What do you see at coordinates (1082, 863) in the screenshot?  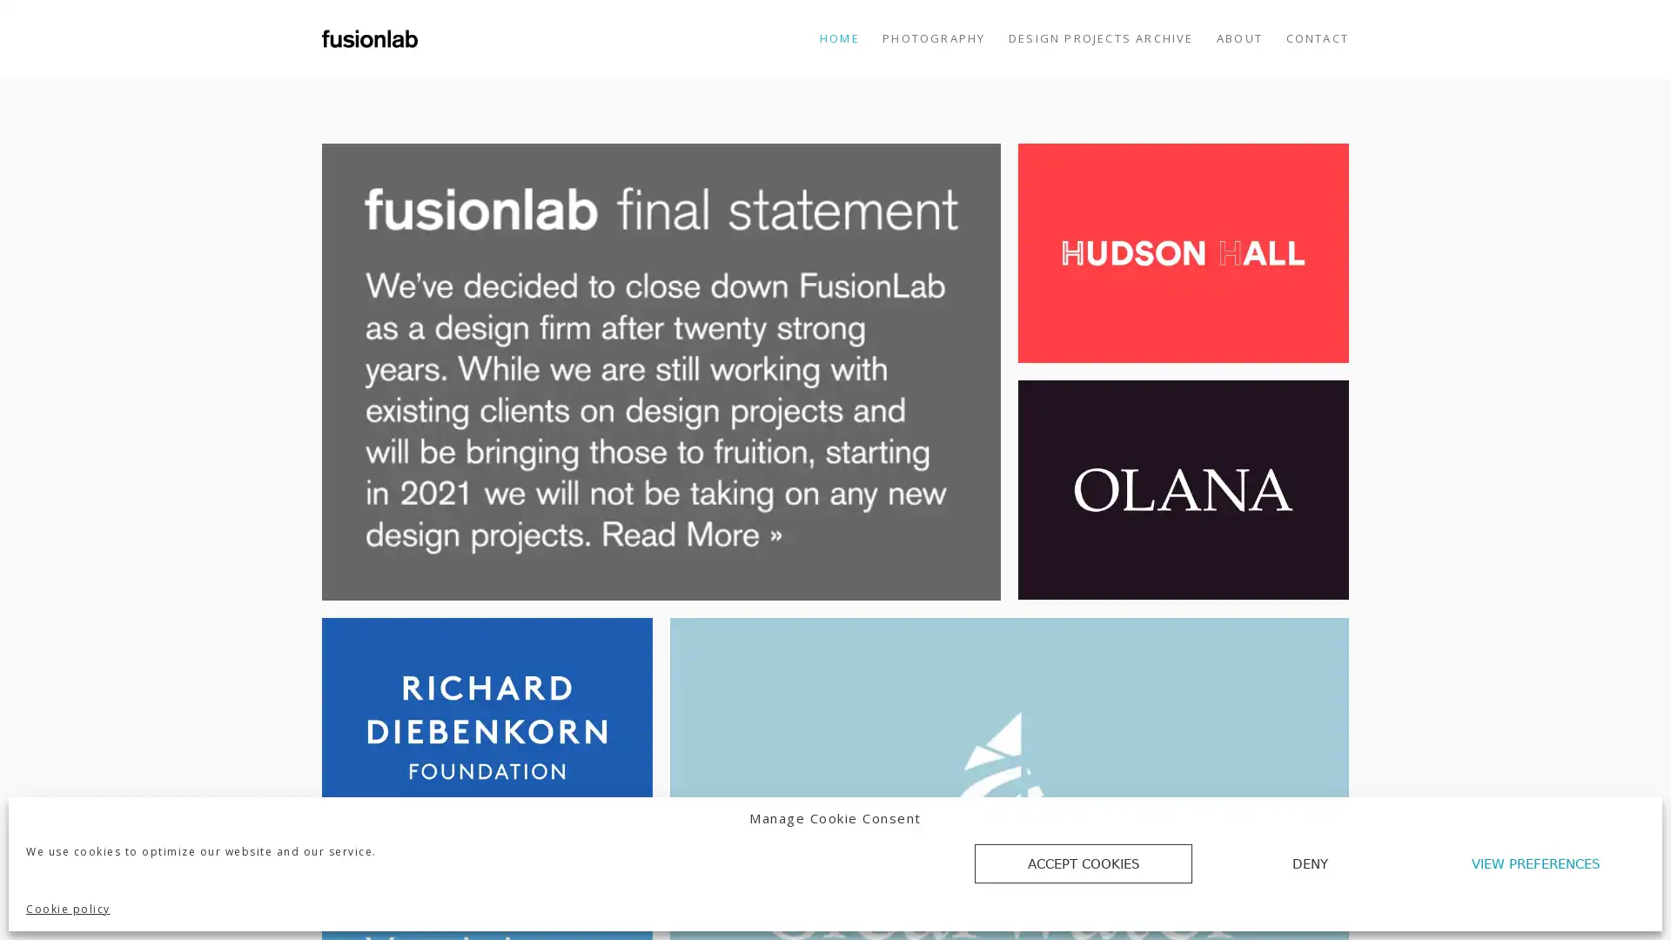 I see `ACCEPT COOKIES` at bounding box center [1082, 863].